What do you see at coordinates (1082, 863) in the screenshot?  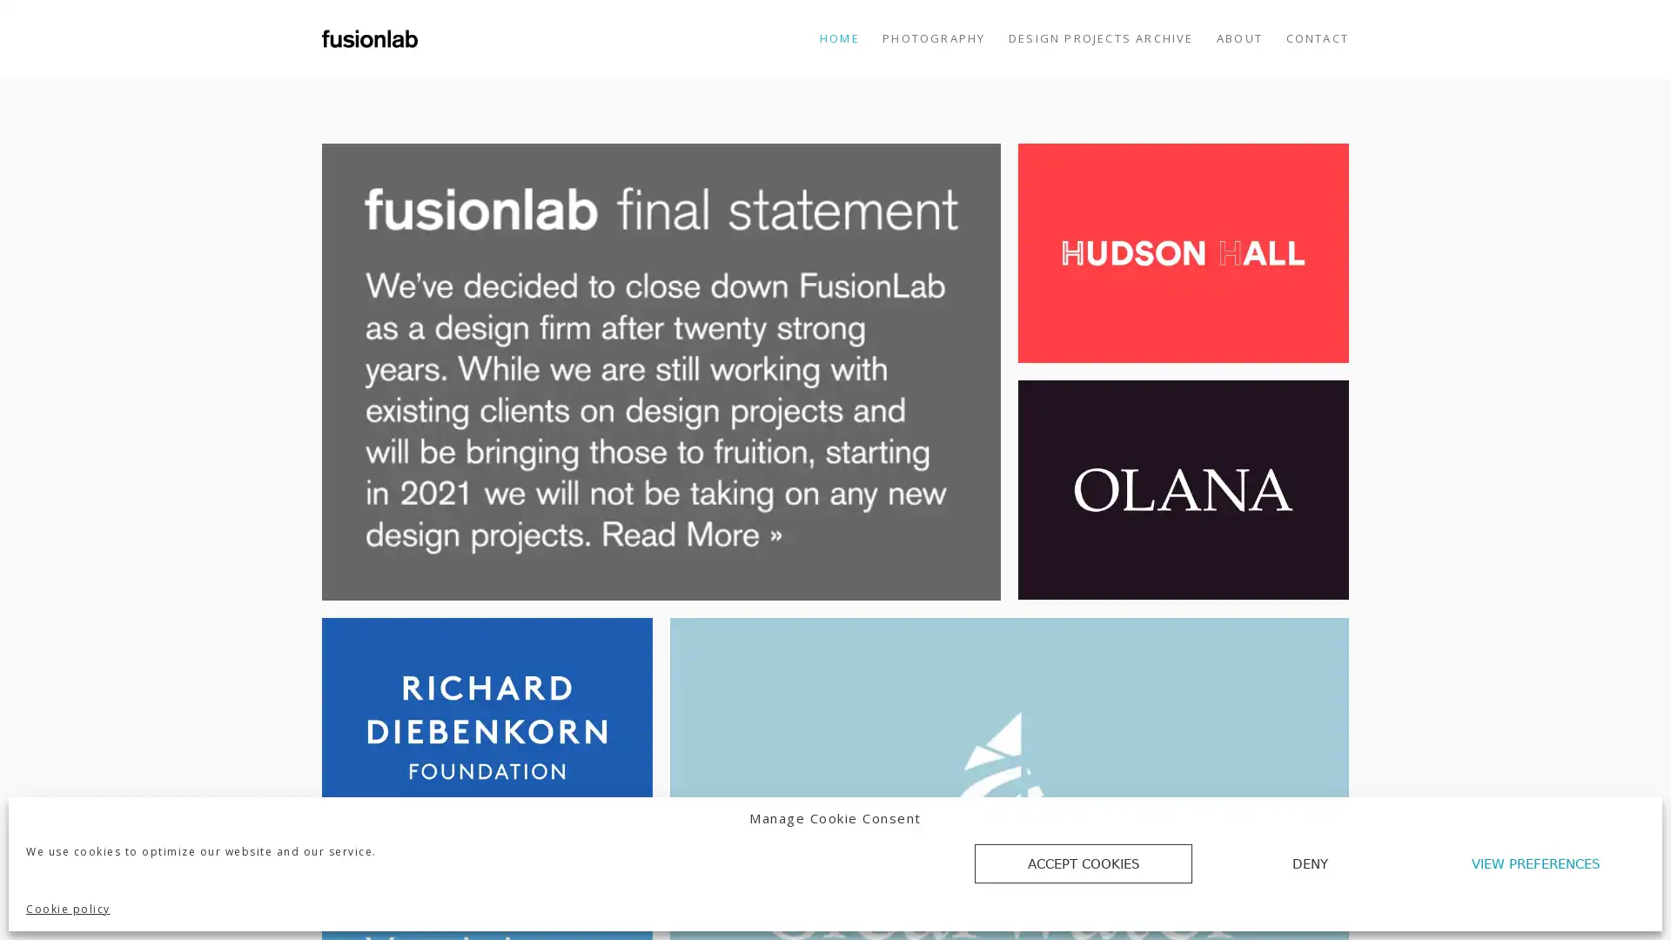 I see `ACCEPT COOKIES` at bounding box center [1082, 863].